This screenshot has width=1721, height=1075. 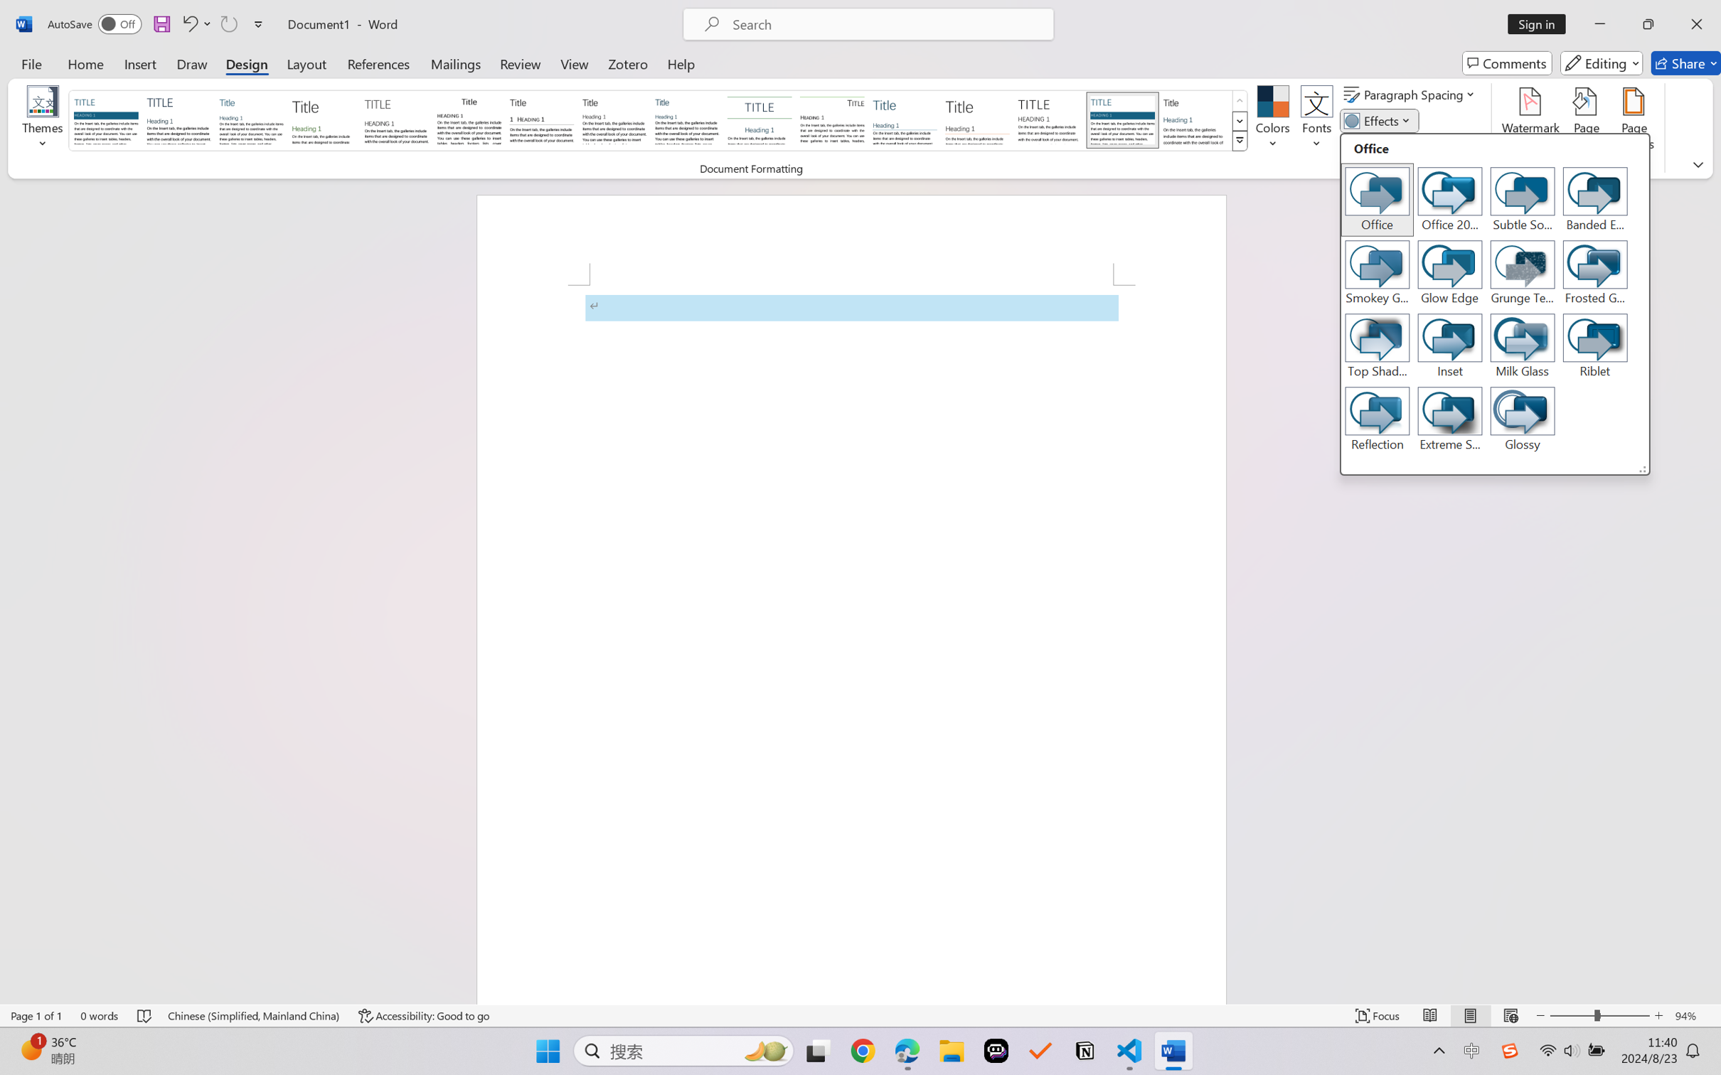 I want to click on 'Basic (Elegant)', so click(x=179, y=119).